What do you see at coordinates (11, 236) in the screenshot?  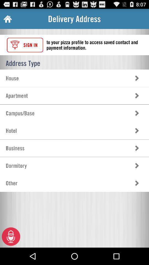 I see `the item below the other item` at bounding box center [11, 236].